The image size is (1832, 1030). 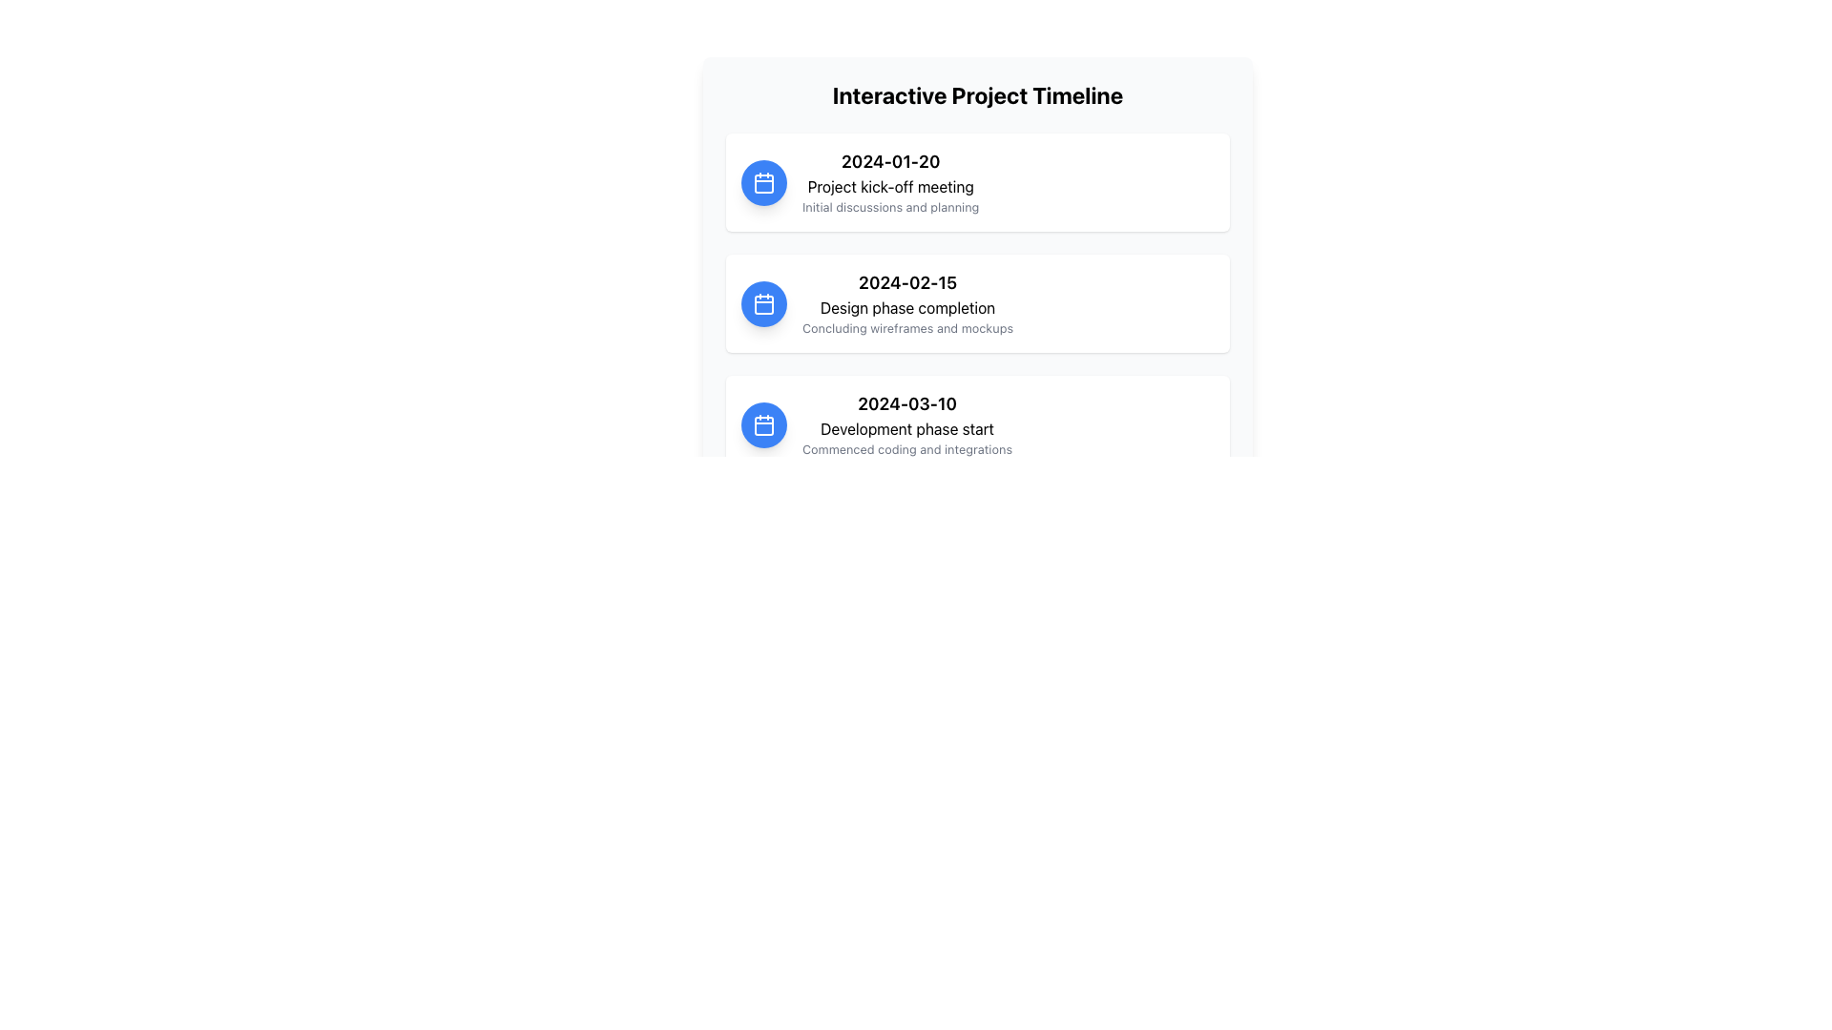 I want to click on the calendar icon with a blue circular background located to the left of the text 'Design phase completion' in the second row of the timeline interface, so click(x=764, y=301).